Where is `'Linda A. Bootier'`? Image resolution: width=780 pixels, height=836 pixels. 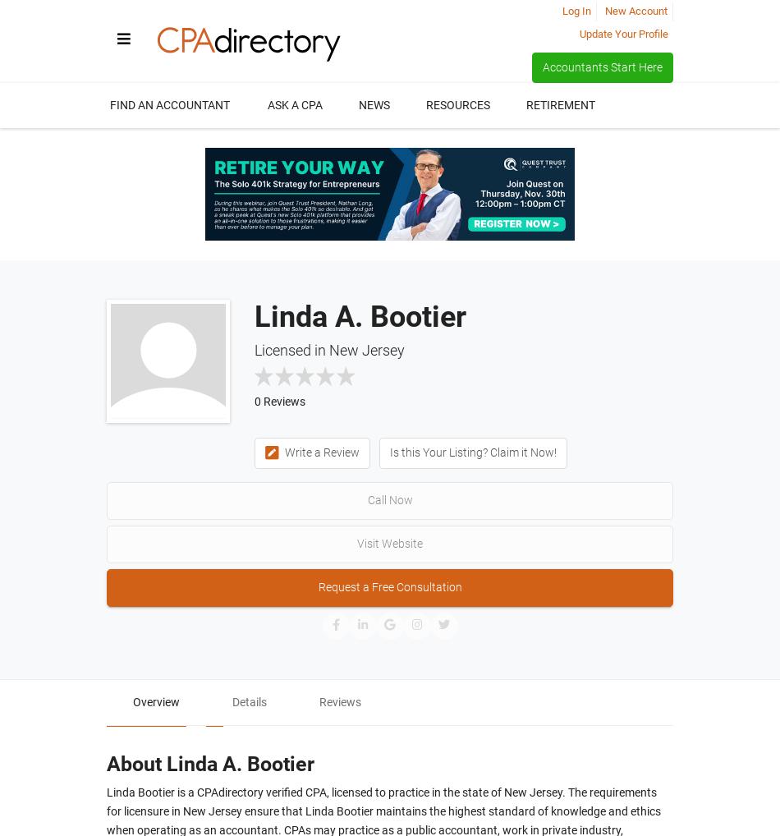 'Linda A. Bootier' is located at coordinates (359, 316).